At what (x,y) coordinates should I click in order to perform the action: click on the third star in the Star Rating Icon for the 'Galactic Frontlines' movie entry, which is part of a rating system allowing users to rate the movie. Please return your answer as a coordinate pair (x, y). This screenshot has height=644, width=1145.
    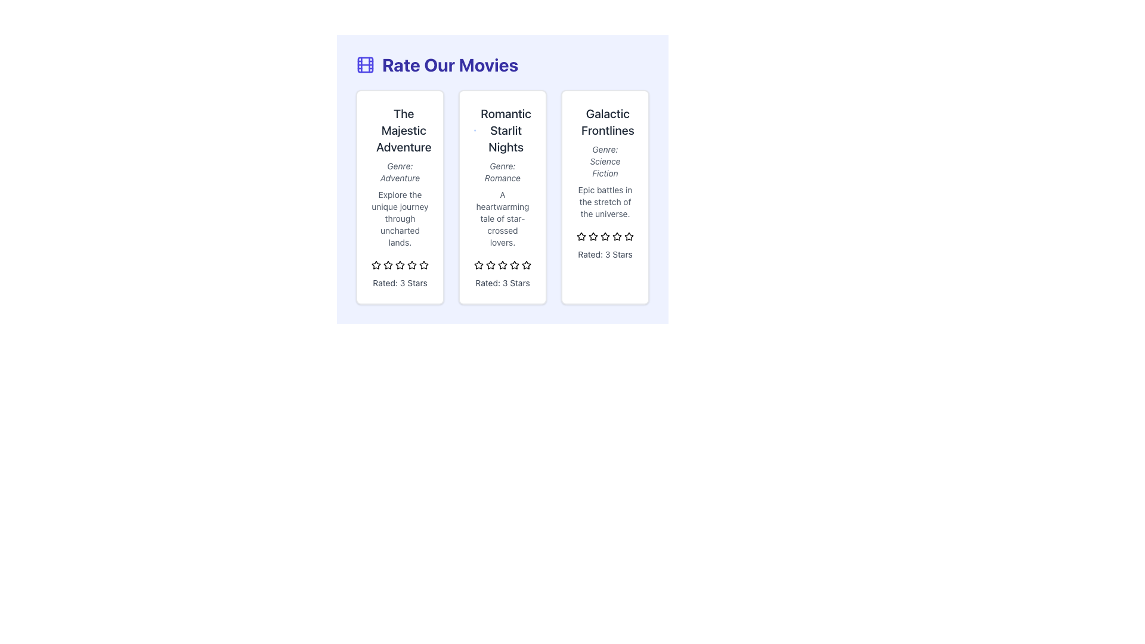
    Looking at the image, I should click on (581, 236).